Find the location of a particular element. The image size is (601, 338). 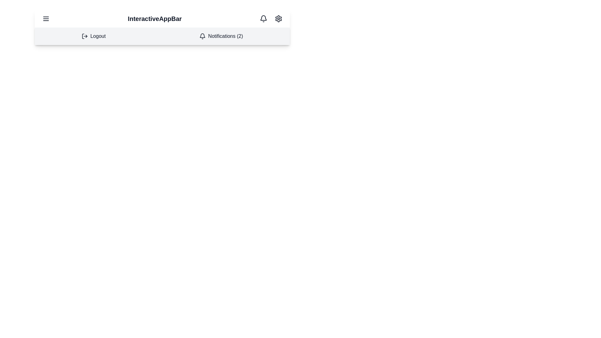

the empty space in the app bar to open the context menu is located at coordinates (240, 18).